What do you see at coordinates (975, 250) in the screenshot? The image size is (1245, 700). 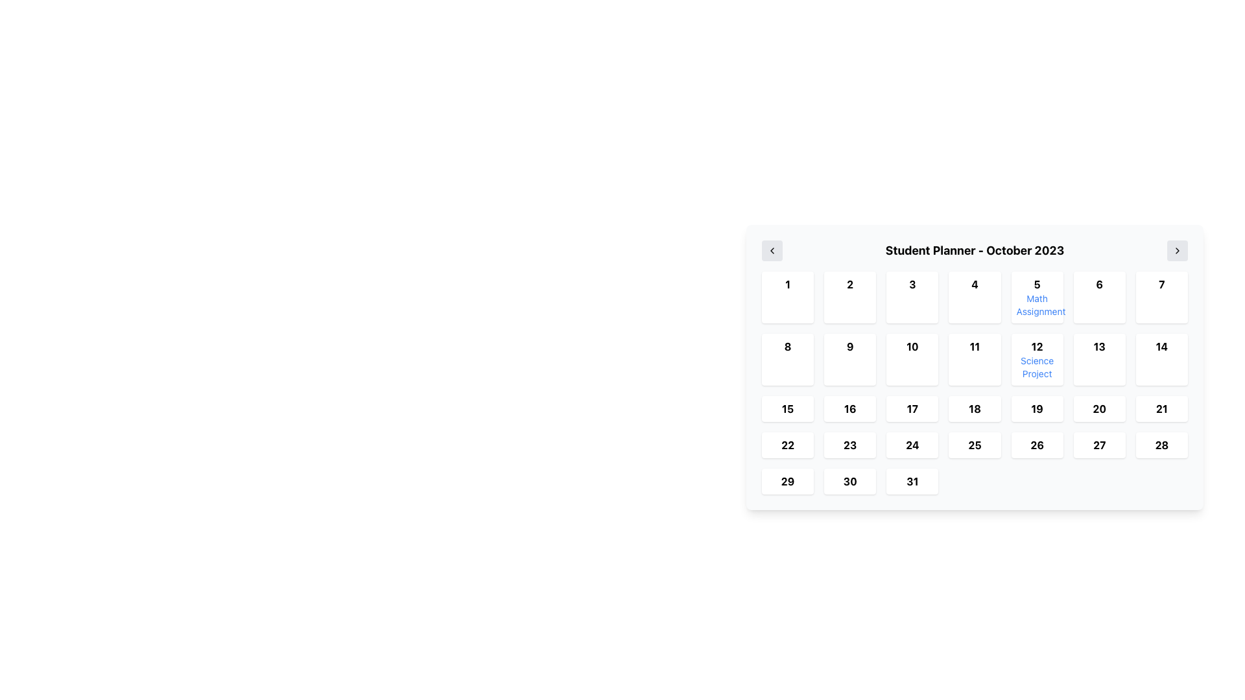 I see `the title label displaying 'October 2023' at the top-center of the calendar view` at bounding box center [975, 250].